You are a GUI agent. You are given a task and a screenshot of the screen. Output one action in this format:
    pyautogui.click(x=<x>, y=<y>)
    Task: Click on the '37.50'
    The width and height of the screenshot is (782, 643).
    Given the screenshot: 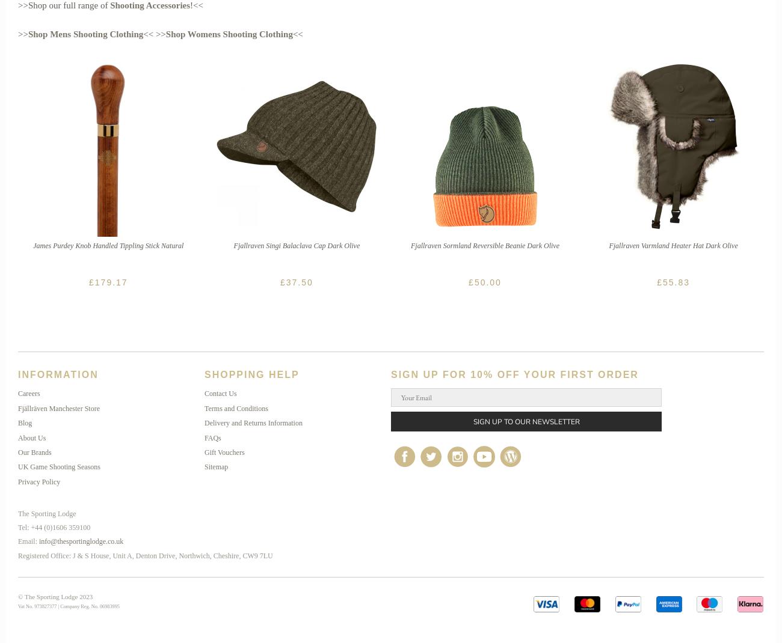 What is the action you would take?
    pyautogui.click(x=299, y=282)
    